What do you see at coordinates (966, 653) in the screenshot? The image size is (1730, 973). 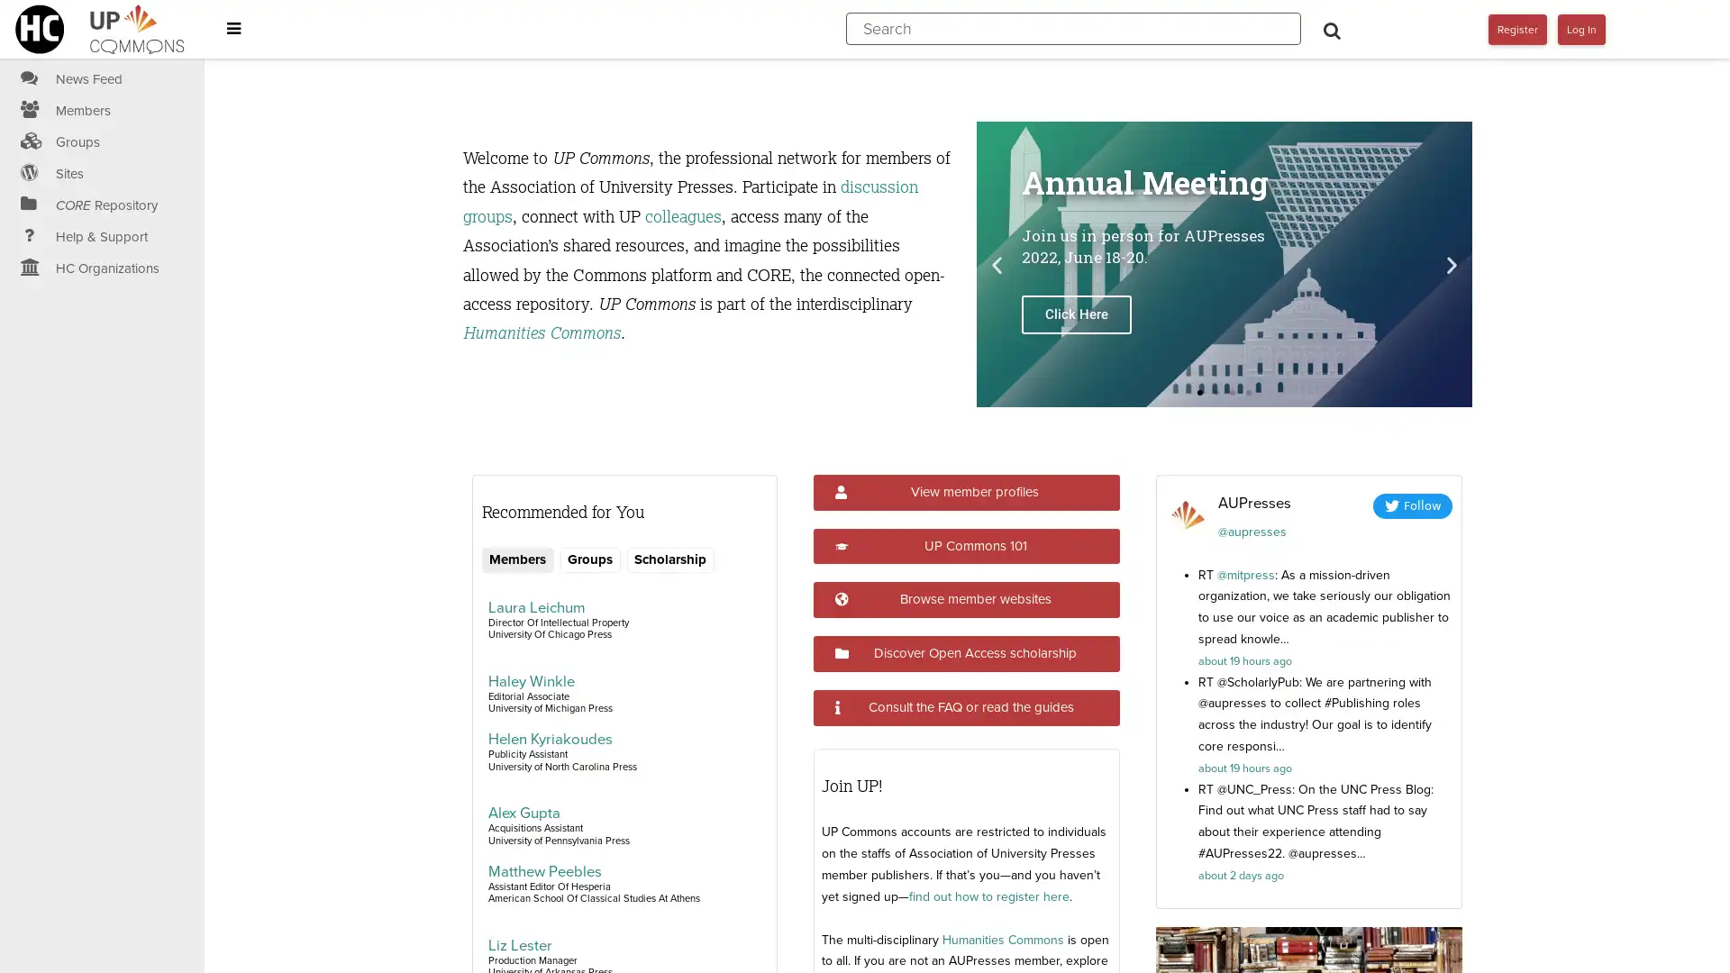 I see `Discover Open Access scholarship` at bounding box center [966, 653].